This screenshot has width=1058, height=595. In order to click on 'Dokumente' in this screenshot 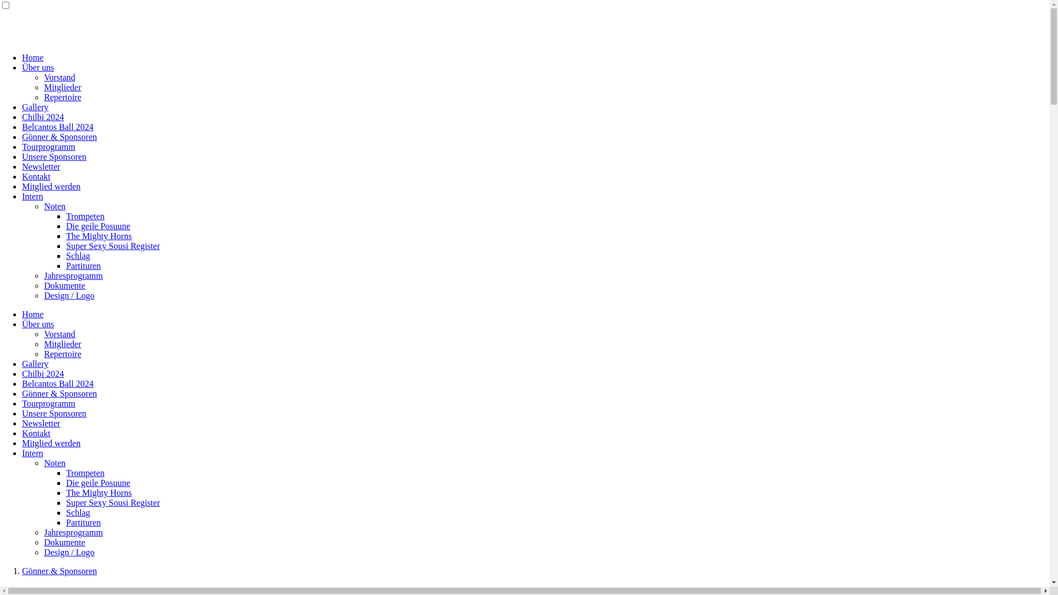, I will do `click(64, 542)`.